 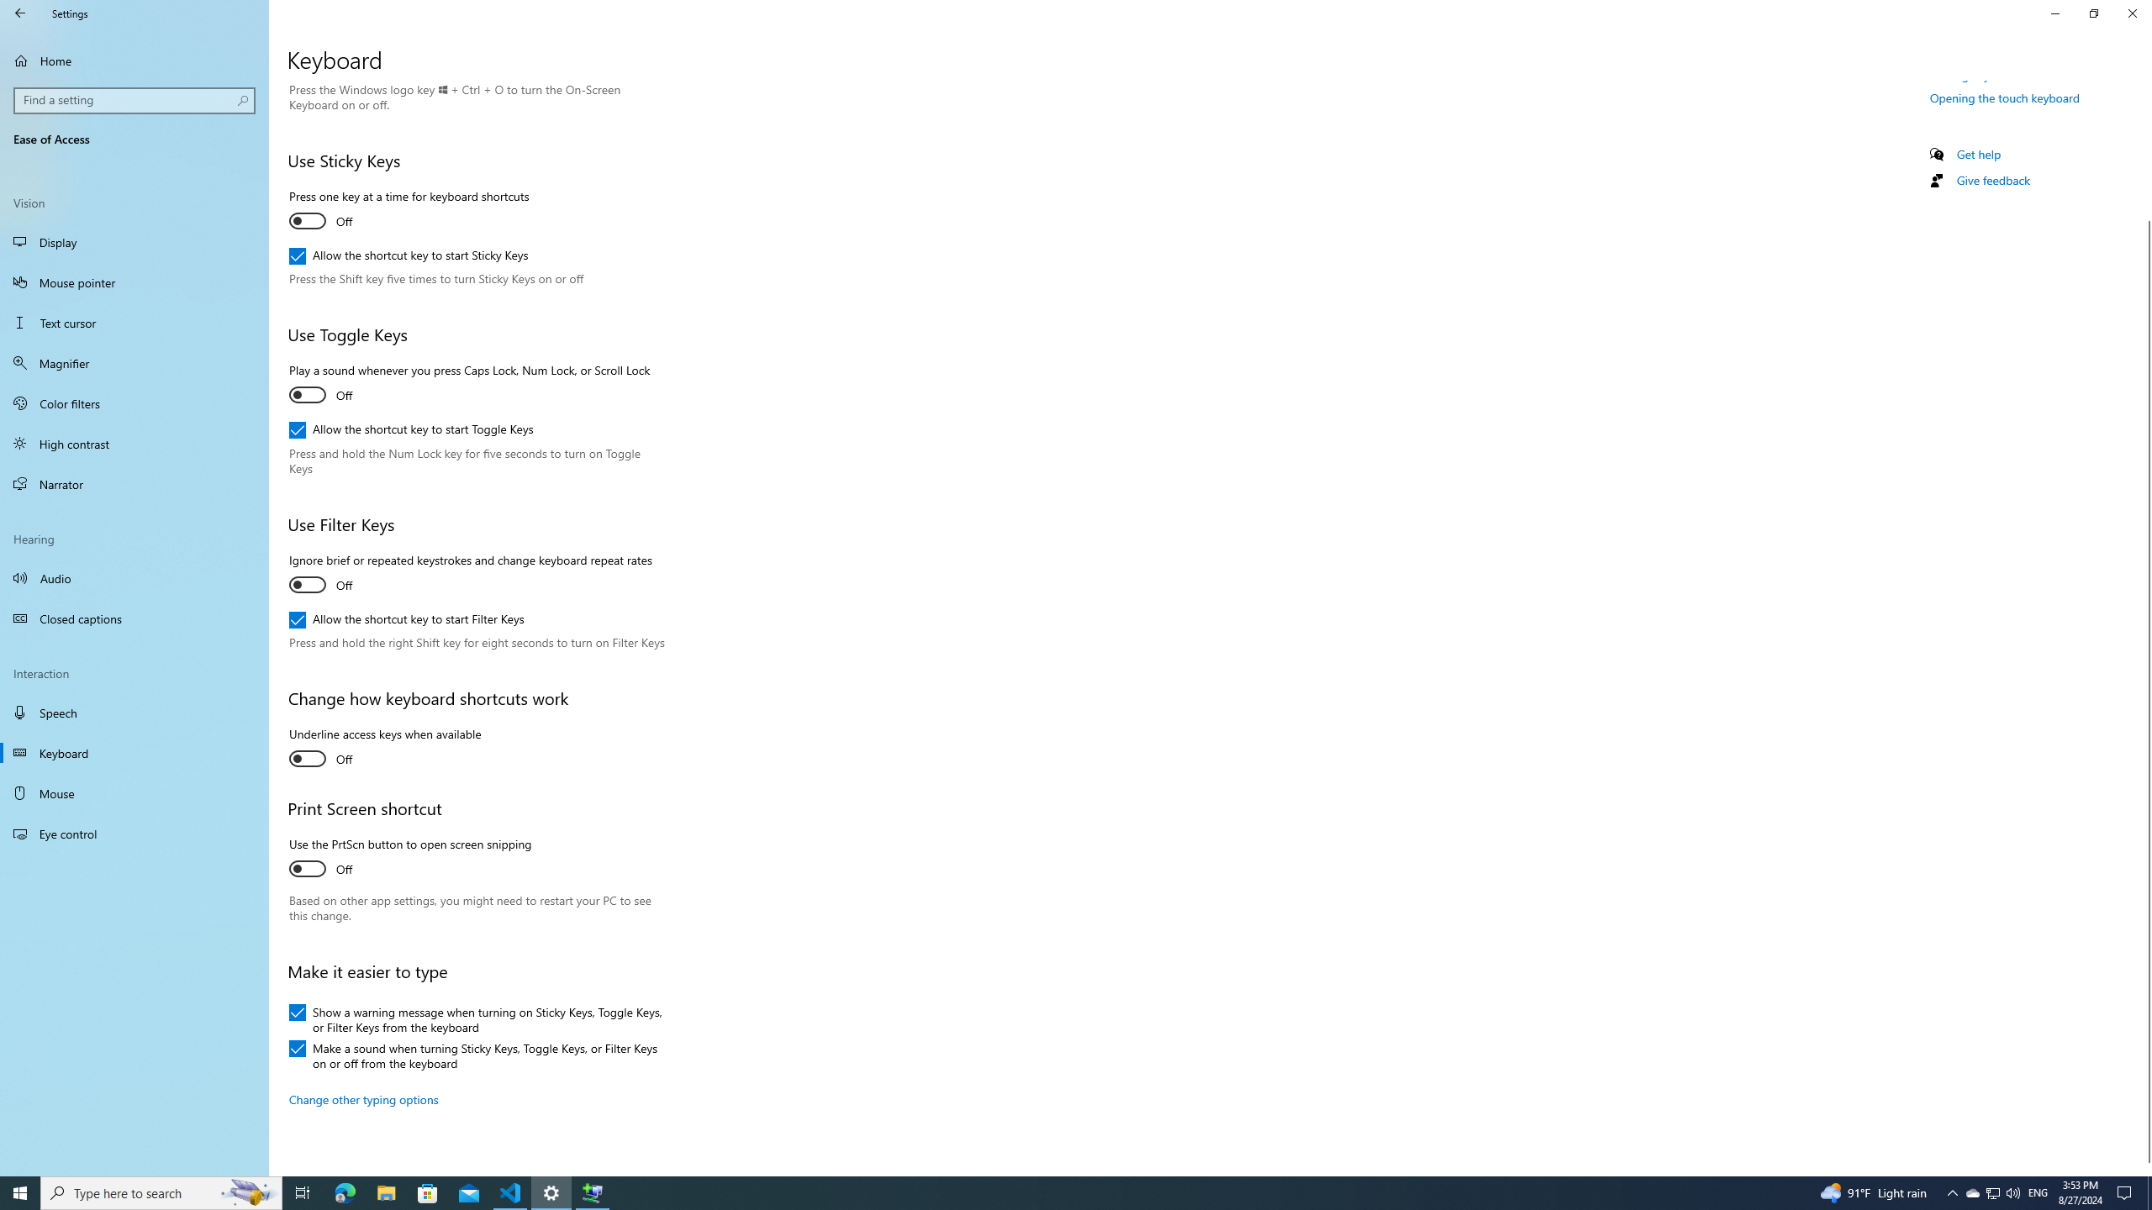 I want to click on 'Extensible Wizards Host Process - 1 running window', so click(x=593, y=1192).